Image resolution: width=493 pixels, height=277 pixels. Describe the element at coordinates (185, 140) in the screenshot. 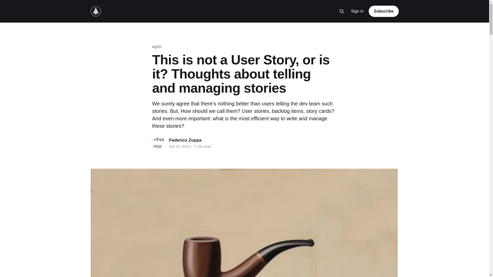

I see `'Federico Zuppa'` at that location.